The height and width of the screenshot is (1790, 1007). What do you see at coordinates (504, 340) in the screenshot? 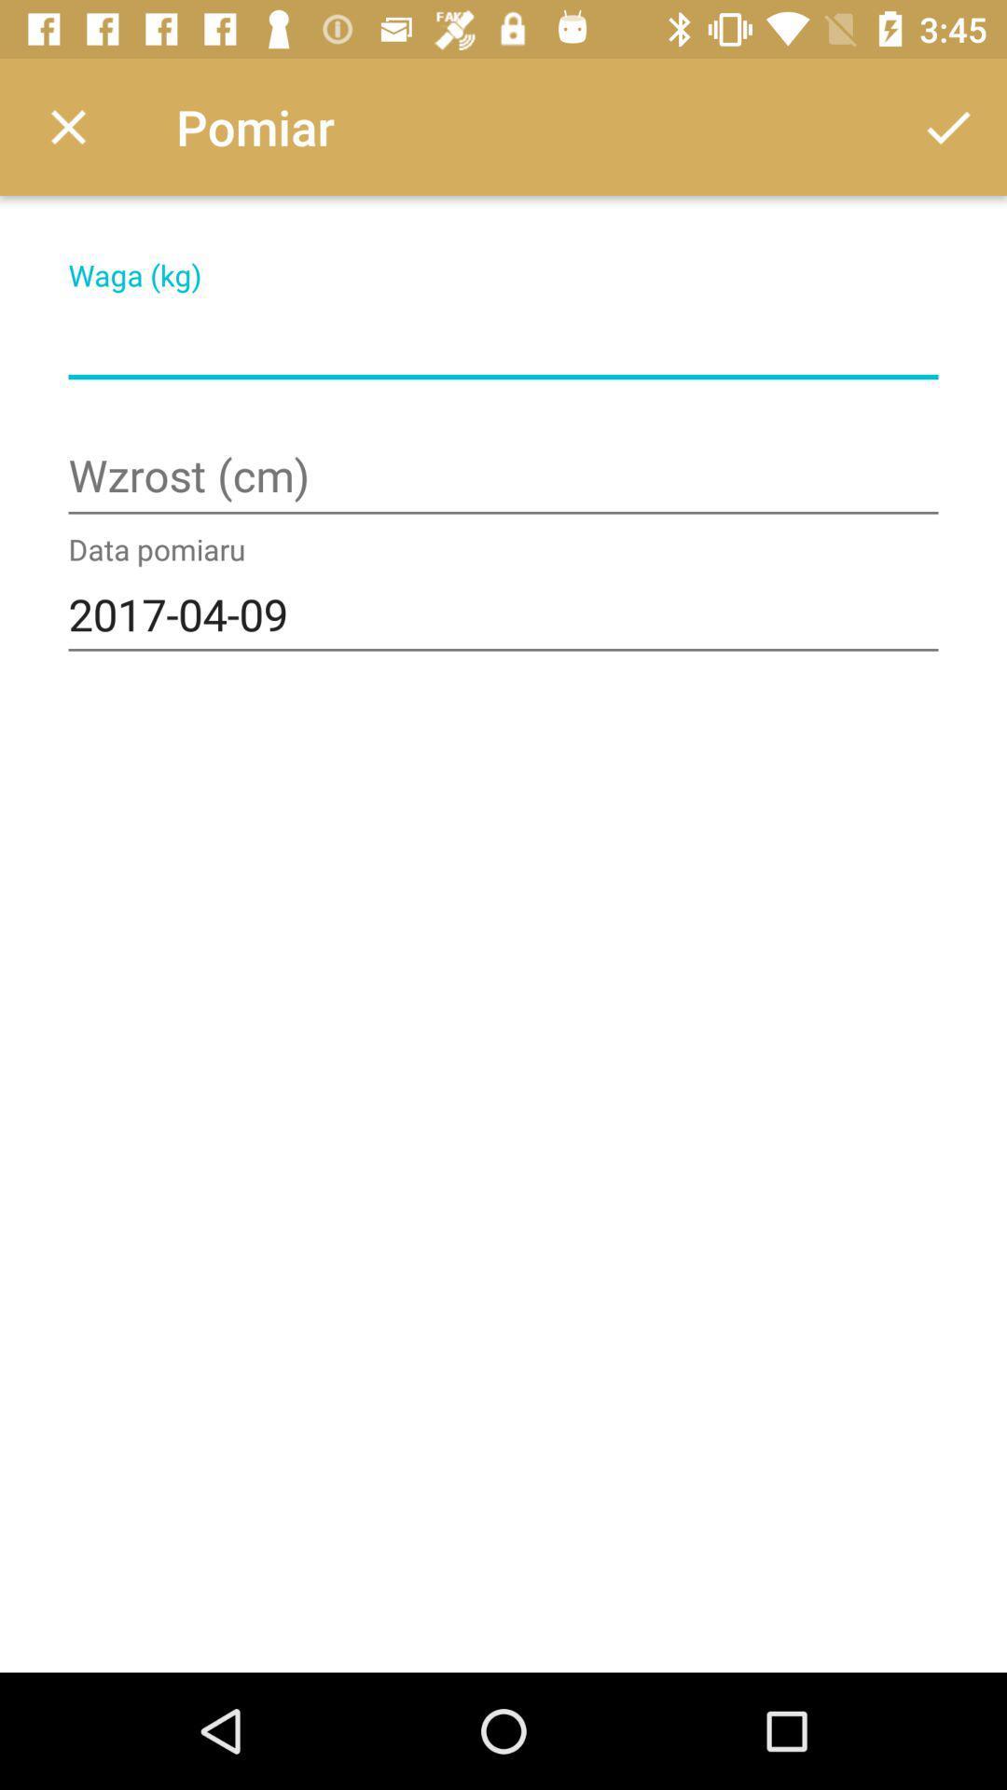
I see `weight field` at bounding box center [504, 340].